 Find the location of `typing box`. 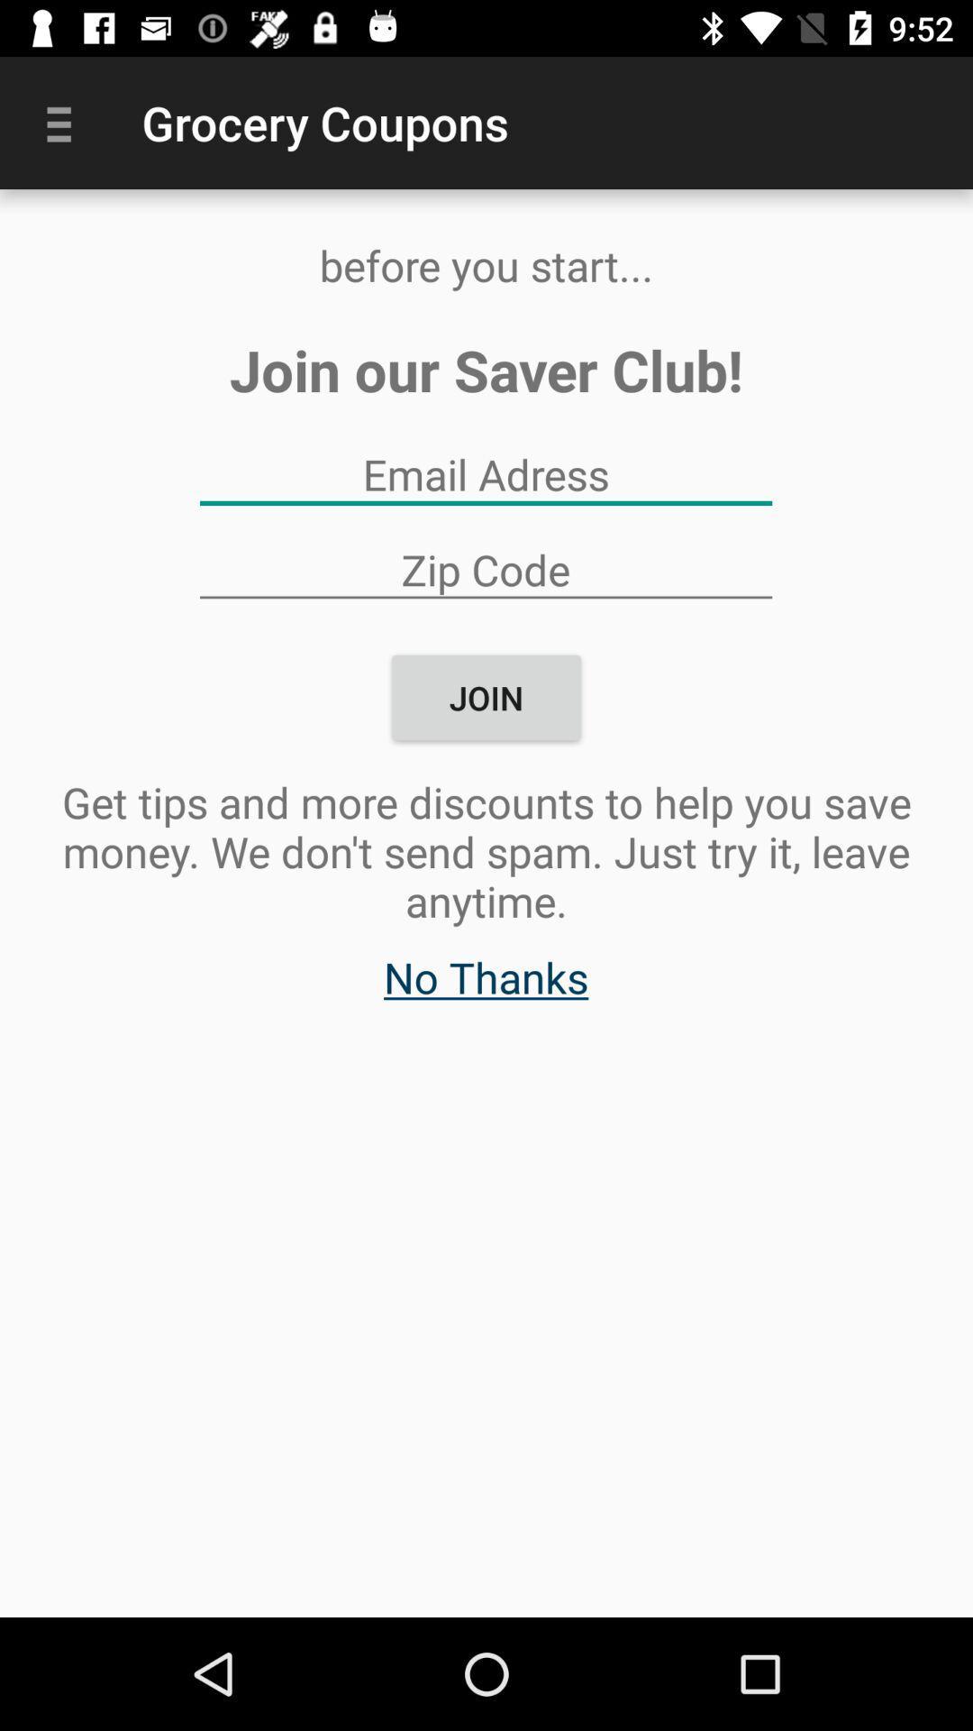

typing box is located at coordinates (485, 474).